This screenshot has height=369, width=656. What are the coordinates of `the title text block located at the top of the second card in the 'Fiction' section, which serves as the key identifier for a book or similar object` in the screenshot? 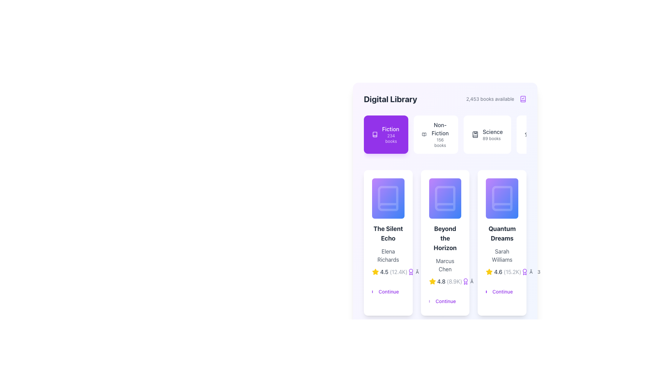 It's located at (445, 238).